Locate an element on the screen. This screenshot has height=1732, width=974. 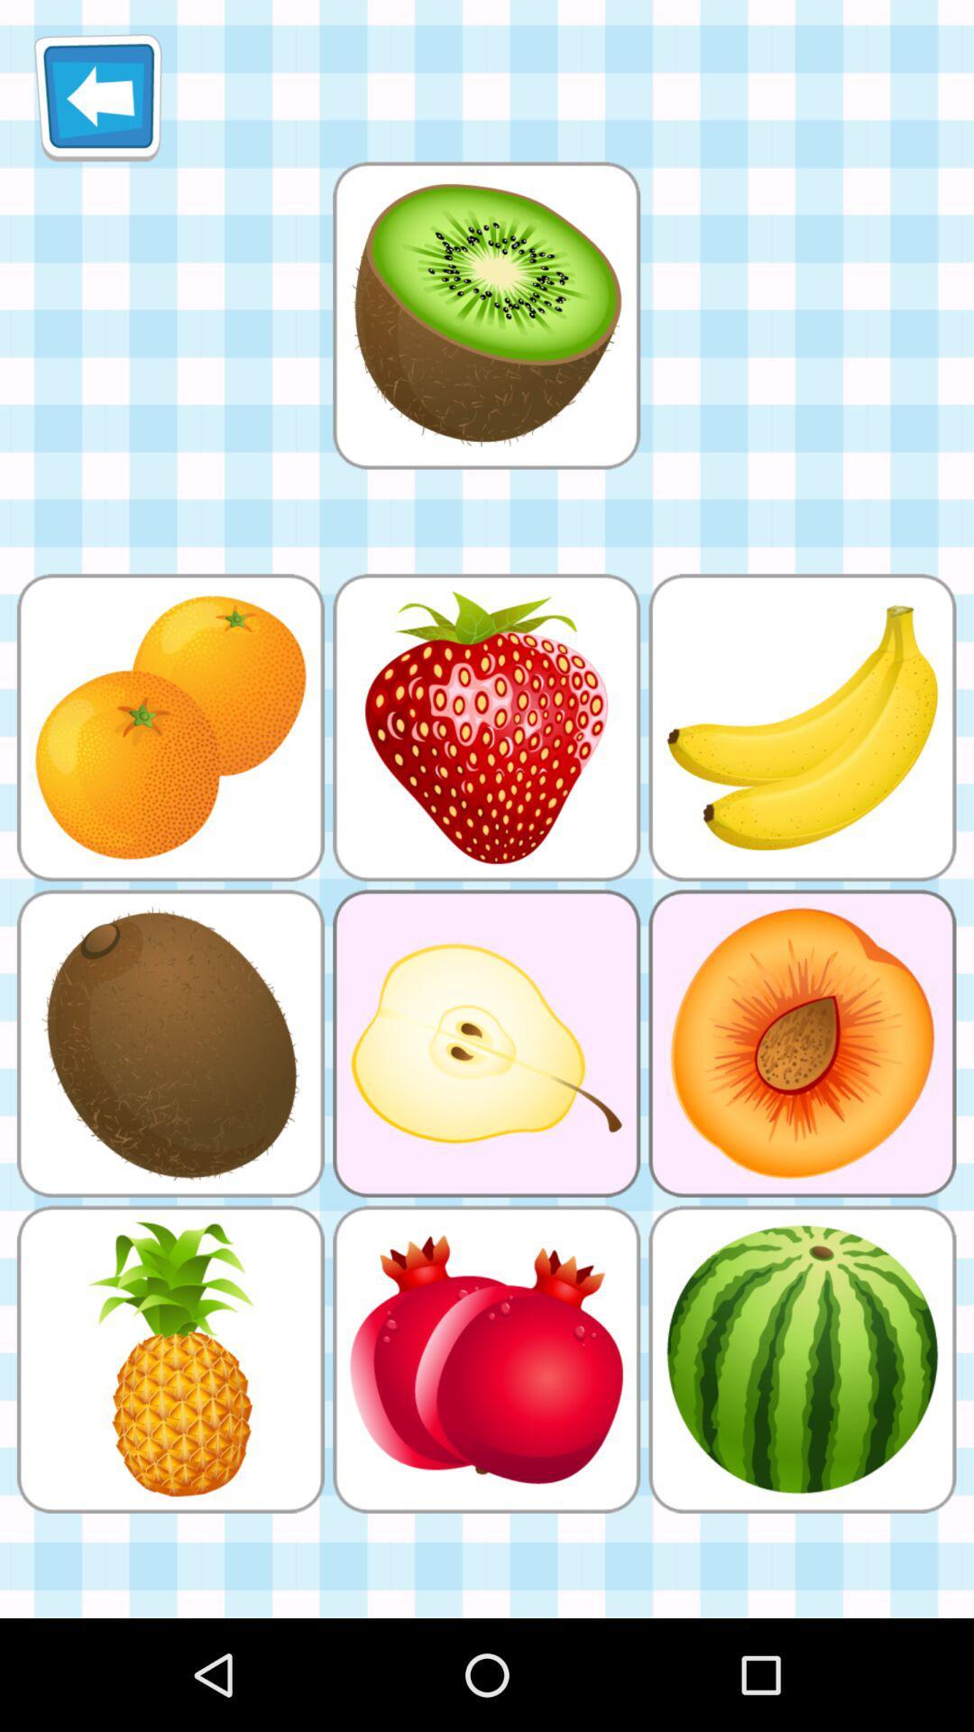
kiwi is located at coordinates (485, 315).